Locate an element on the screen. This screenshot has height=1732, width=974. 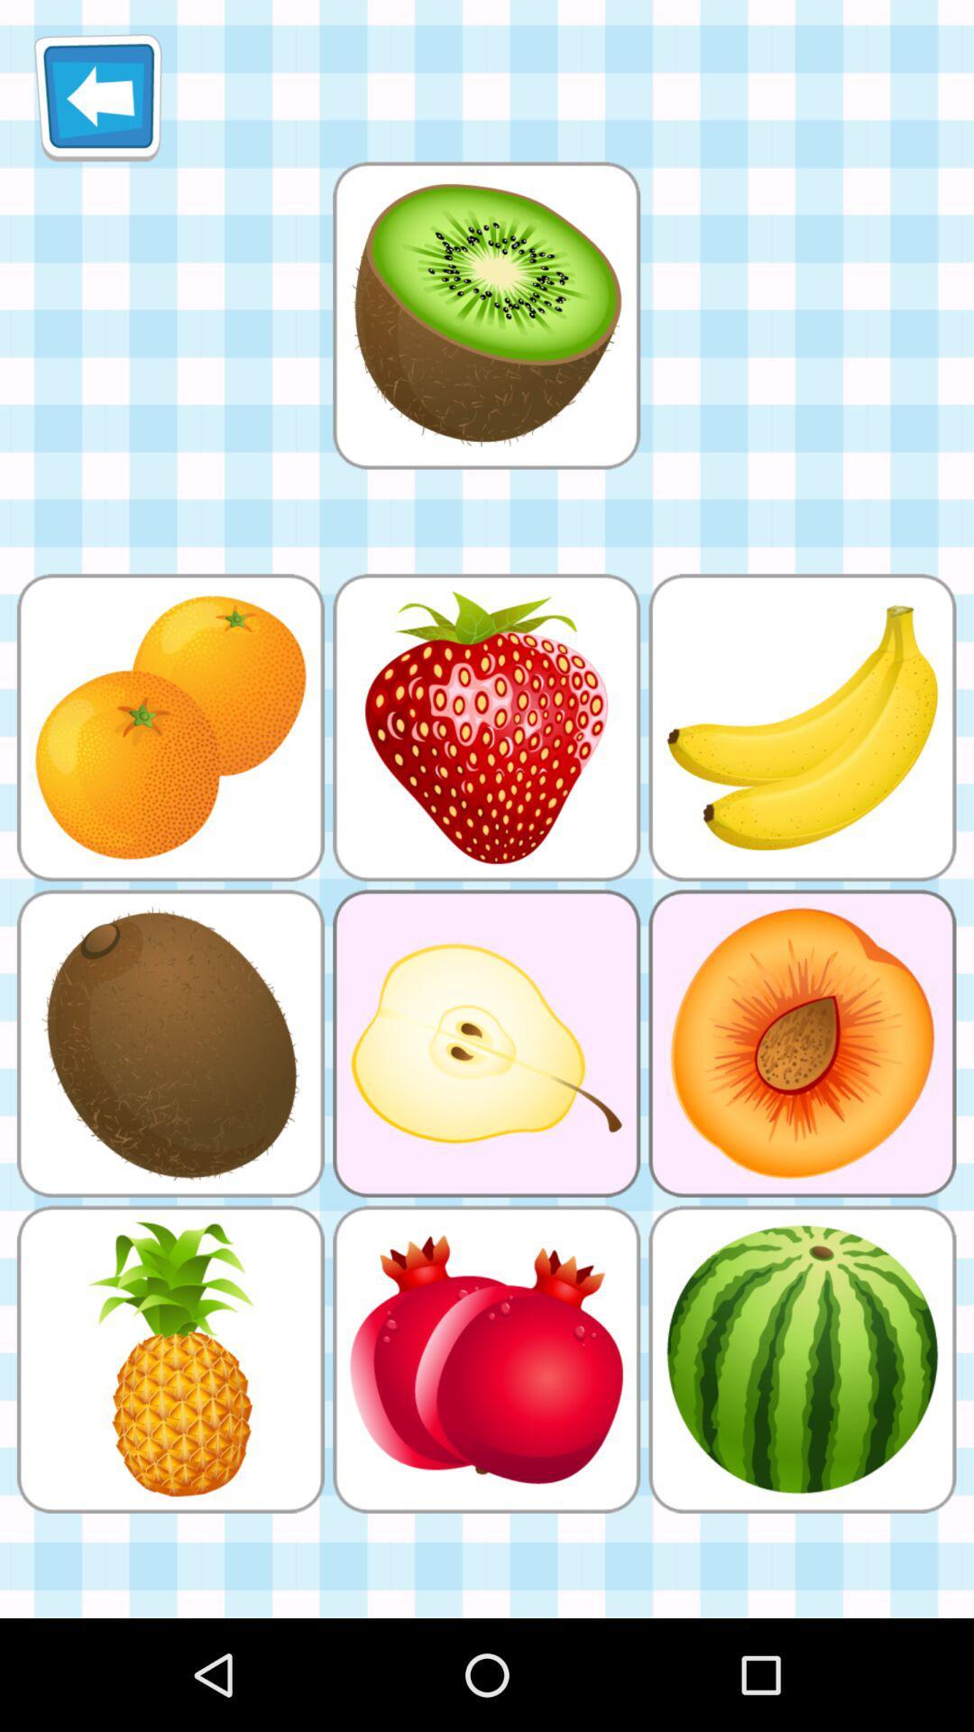
kiwi is located at coordinates (485, 315).